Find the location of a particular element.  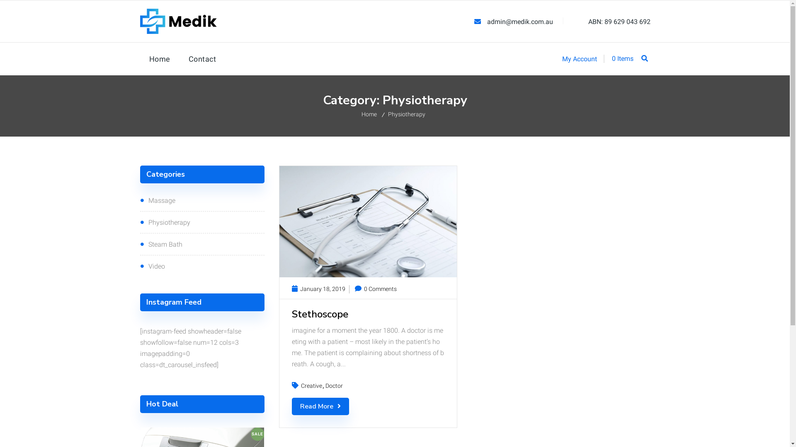

'ABN: 89 629 043 692' is located at coordinates (618, 21).